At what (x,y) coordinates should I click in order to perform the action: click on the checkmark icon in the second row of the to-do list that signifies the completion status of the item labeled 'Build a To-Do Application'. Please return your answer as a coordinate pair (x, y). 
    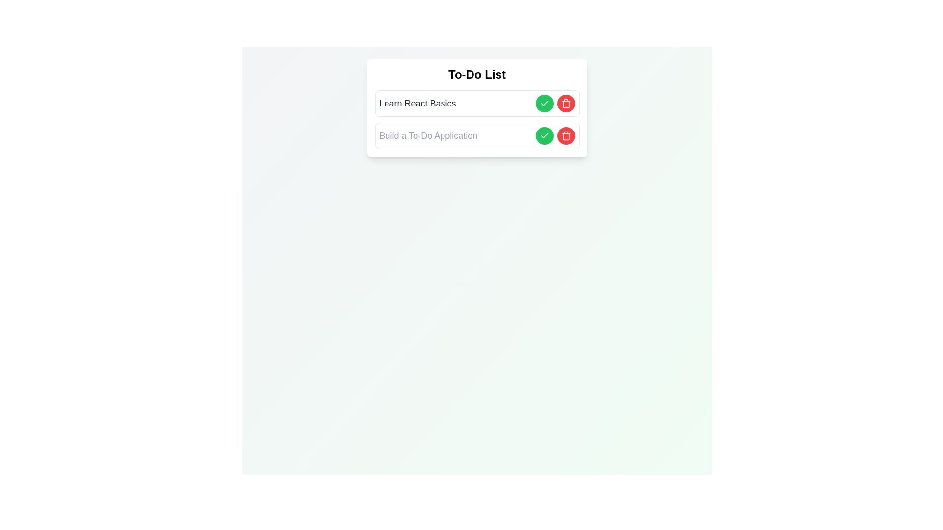
    Looking at the image, I should click on (544, 136).